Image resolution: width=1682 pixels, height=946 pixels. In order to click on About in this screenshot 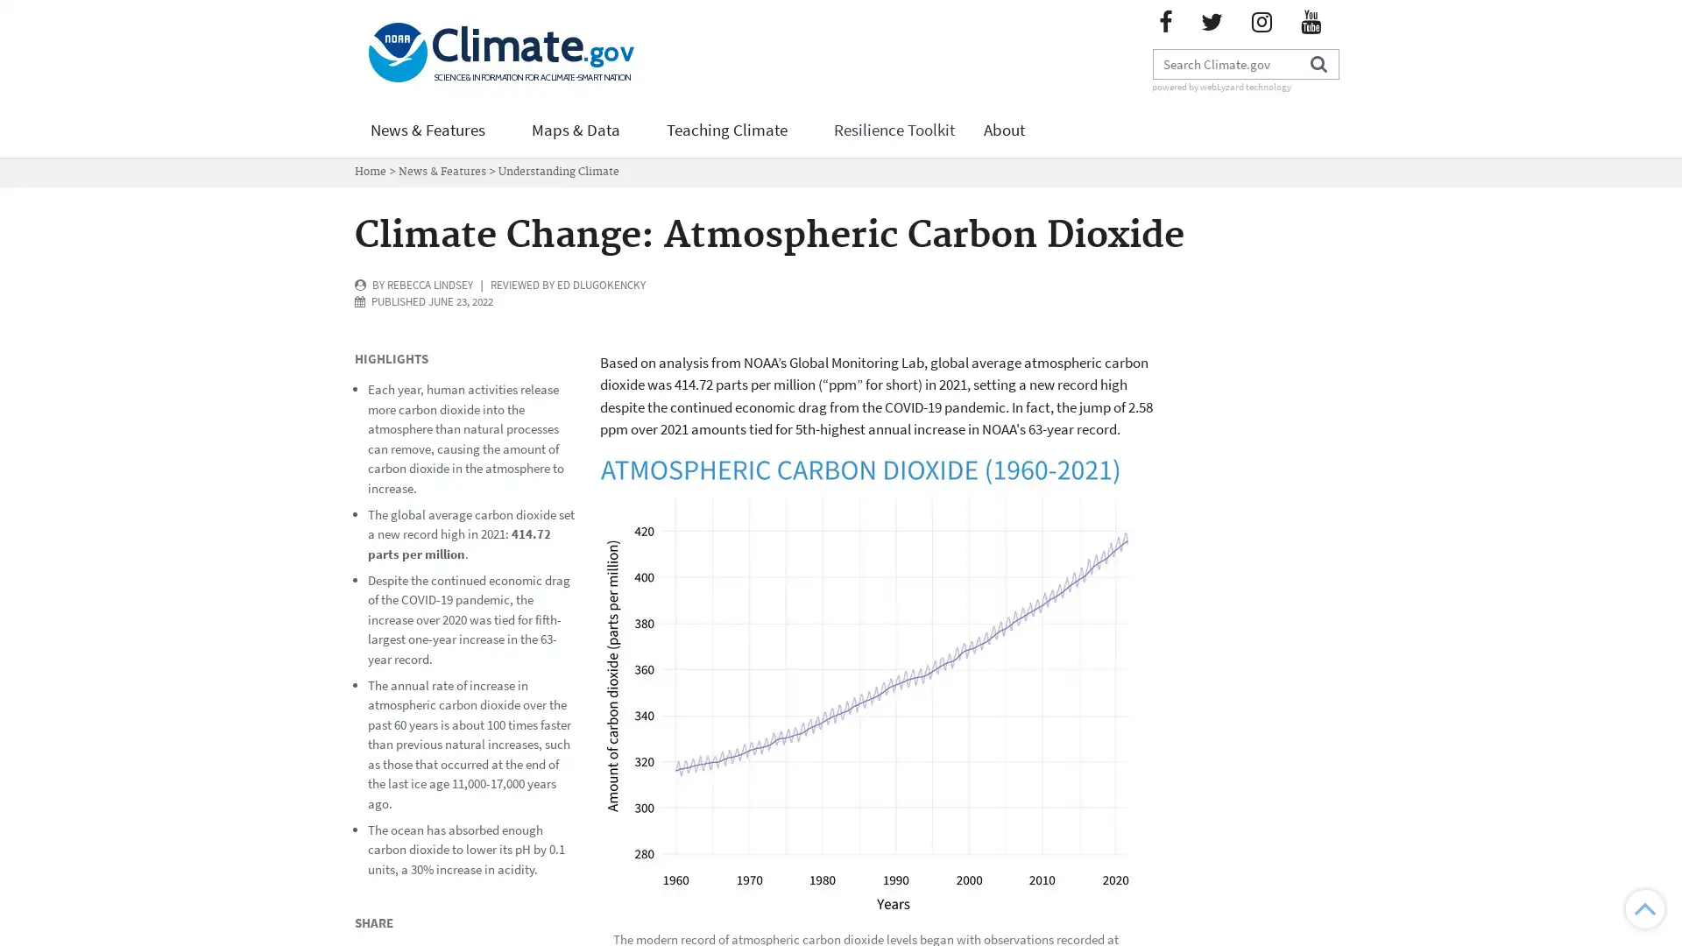, I will do `click(1013, 128)`.